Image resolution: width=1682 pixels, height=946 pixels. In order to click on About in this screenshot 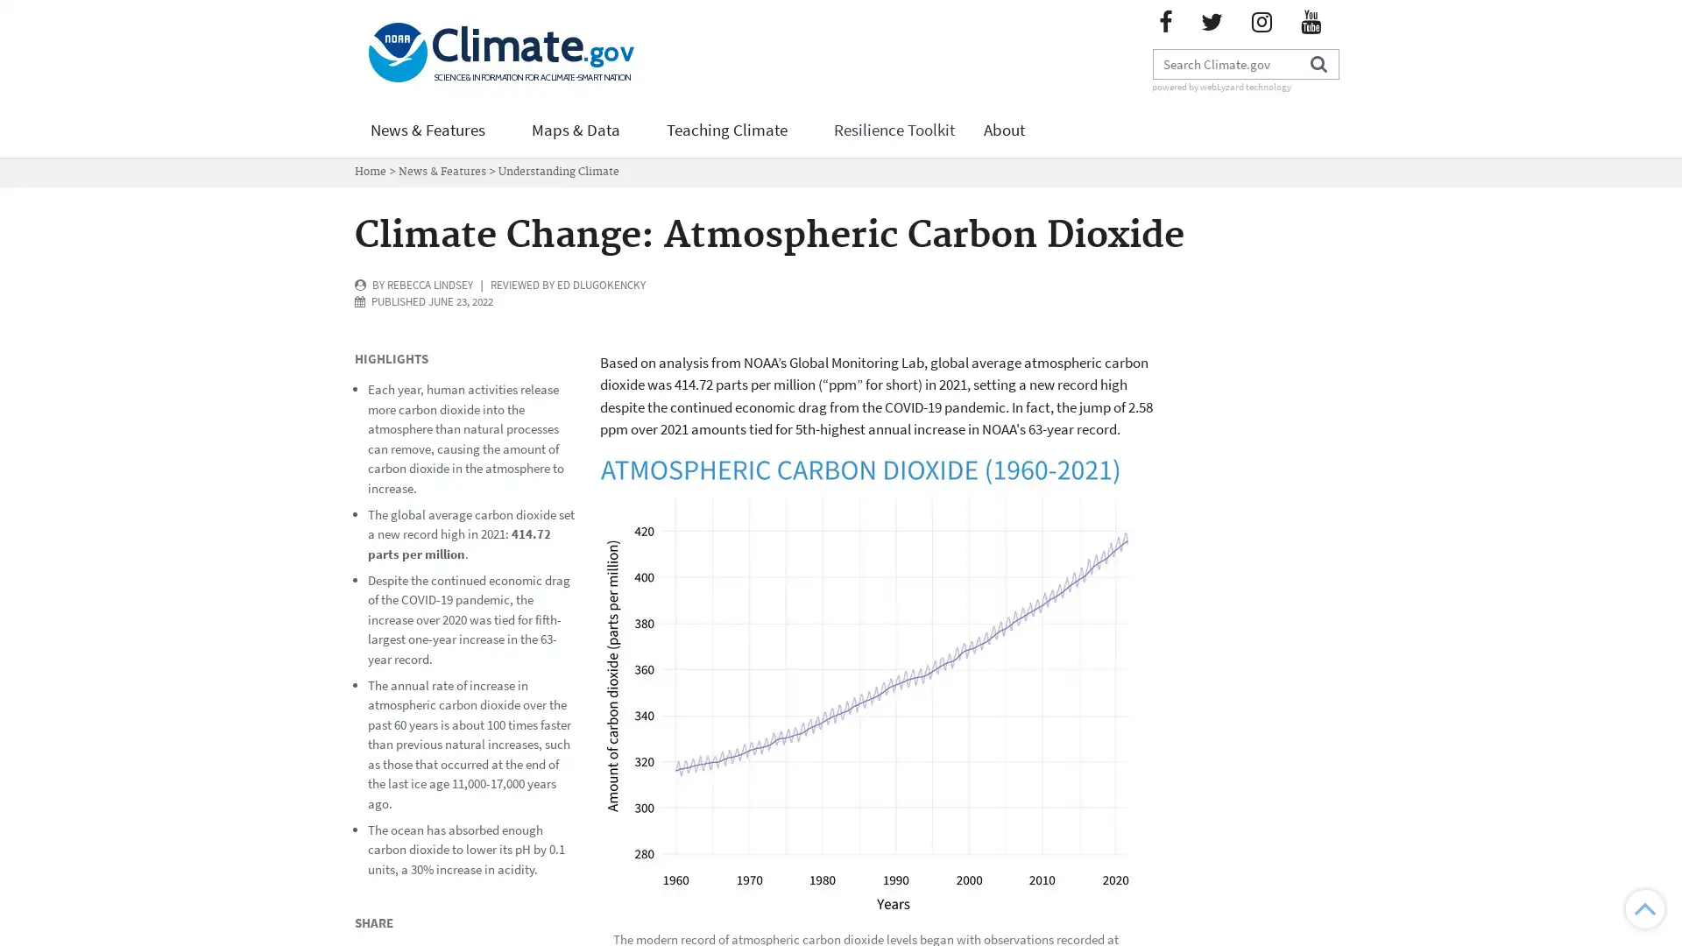, I will do `click(1013, 128)`.